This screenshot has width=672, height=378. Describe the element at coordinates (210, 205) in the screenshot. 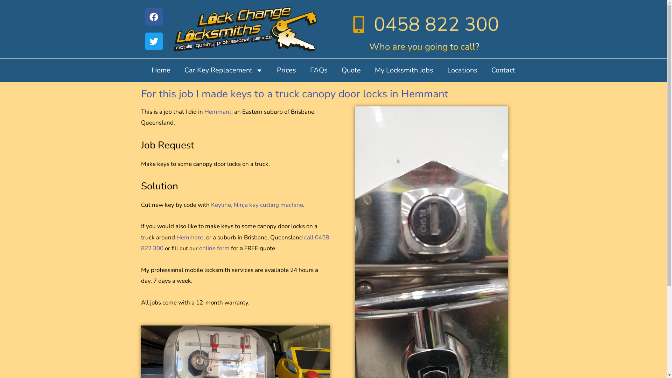

I see `'Keyline, Ninja key cutting machine'` at that location.